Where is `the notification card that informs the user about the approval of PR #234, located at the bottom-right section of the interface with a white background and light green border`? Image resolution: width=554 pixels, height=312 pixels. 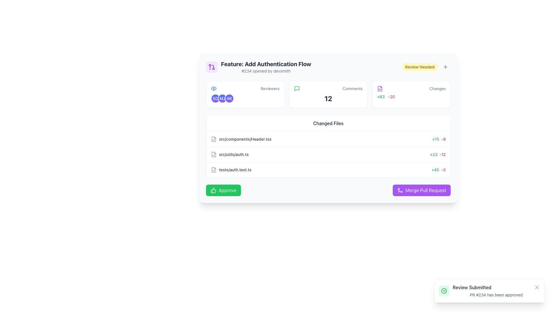 the notification card that informs the user about the approval of PR #234, located at the bottom-right section of the interface with a white background and light green border is located at coordinates (489, 291).